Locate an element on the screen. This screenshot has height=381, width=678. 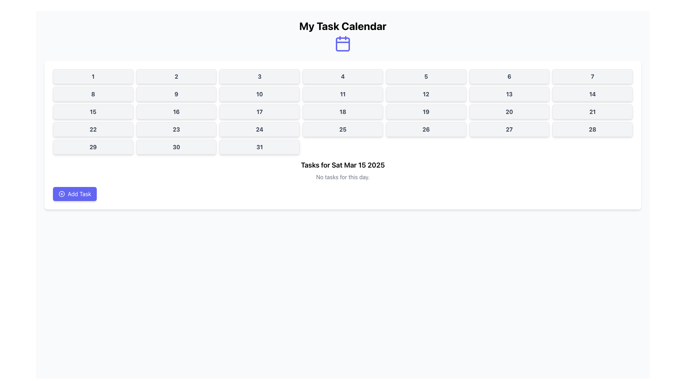
the button labeled '6' with a light gray background and bold dark gray text is located at coordinates (509, 76).